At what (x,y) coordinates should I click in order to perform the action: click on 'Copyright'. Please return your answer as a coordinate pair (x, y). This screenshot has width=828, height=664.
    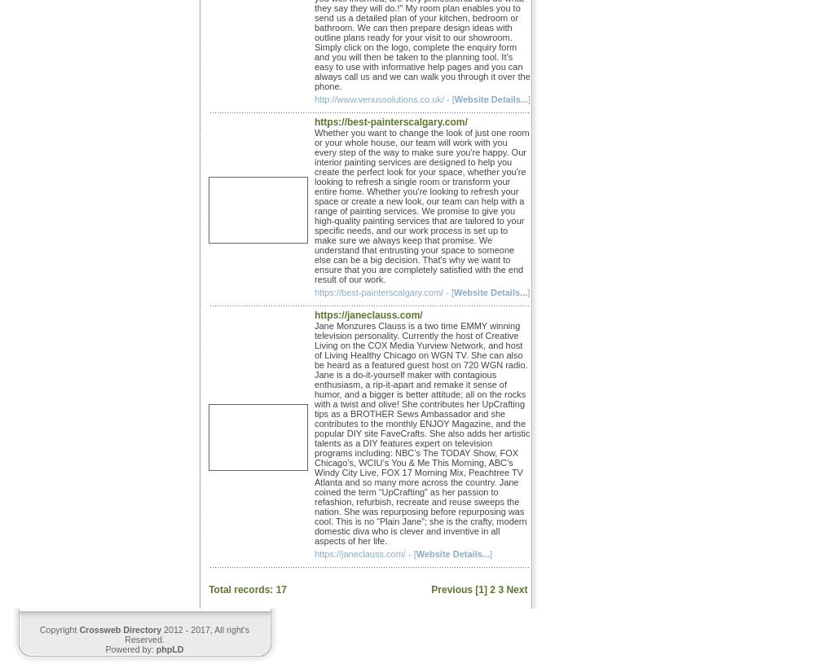
    Looking at the image, I should click on (59, 628).